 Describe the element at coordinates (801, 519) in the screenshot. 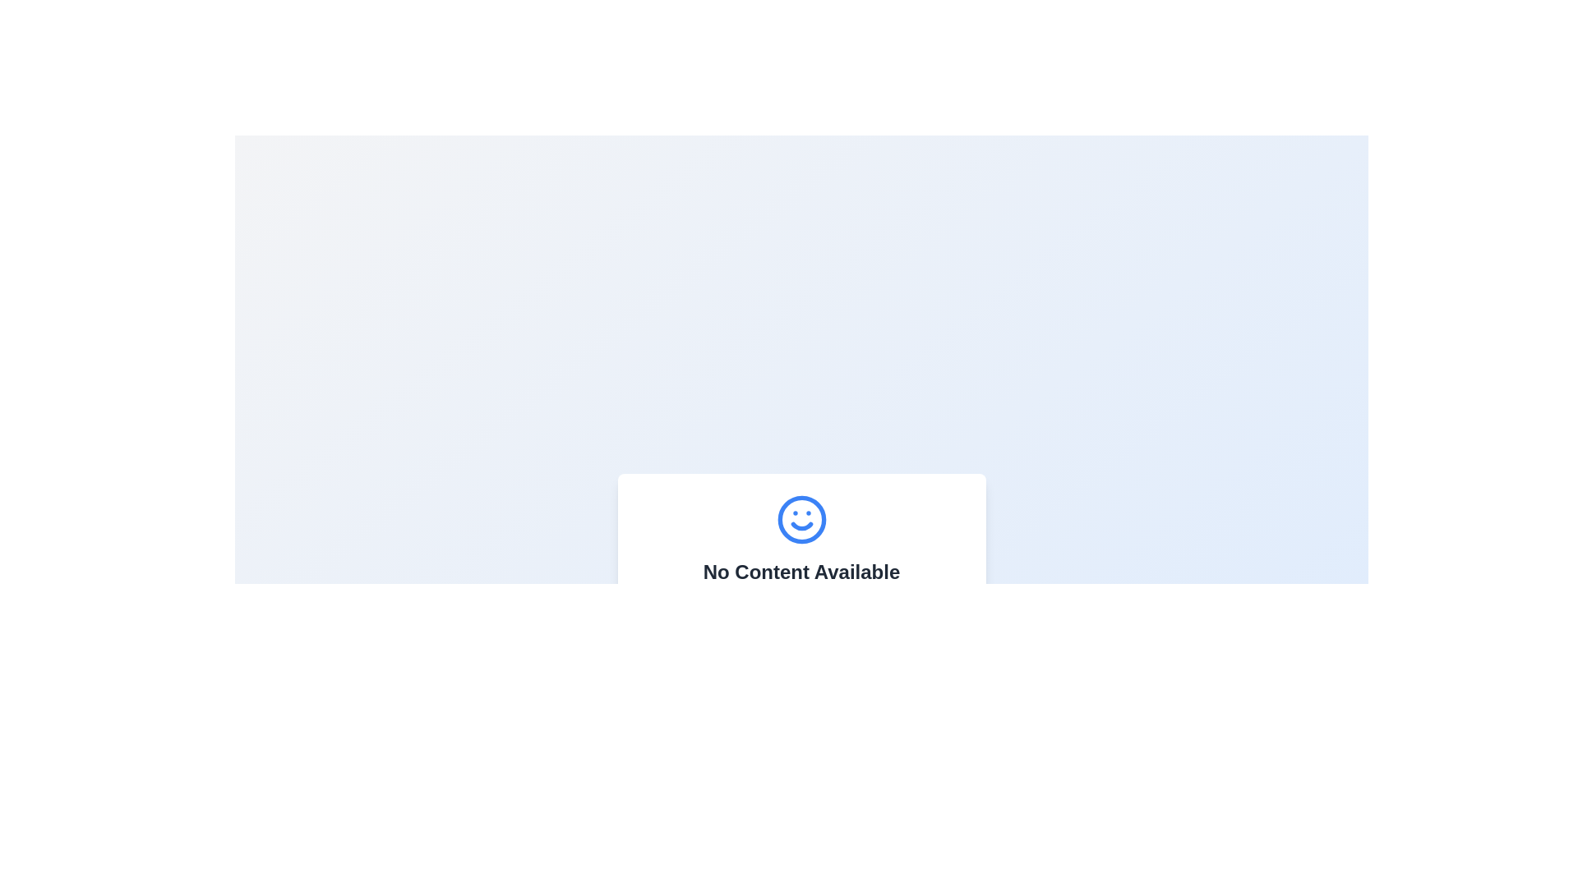

I see `the decorative icon that indicates a neutral or positive system state, located at the top section of the white box above the heading 'No Content Available'` at that location.